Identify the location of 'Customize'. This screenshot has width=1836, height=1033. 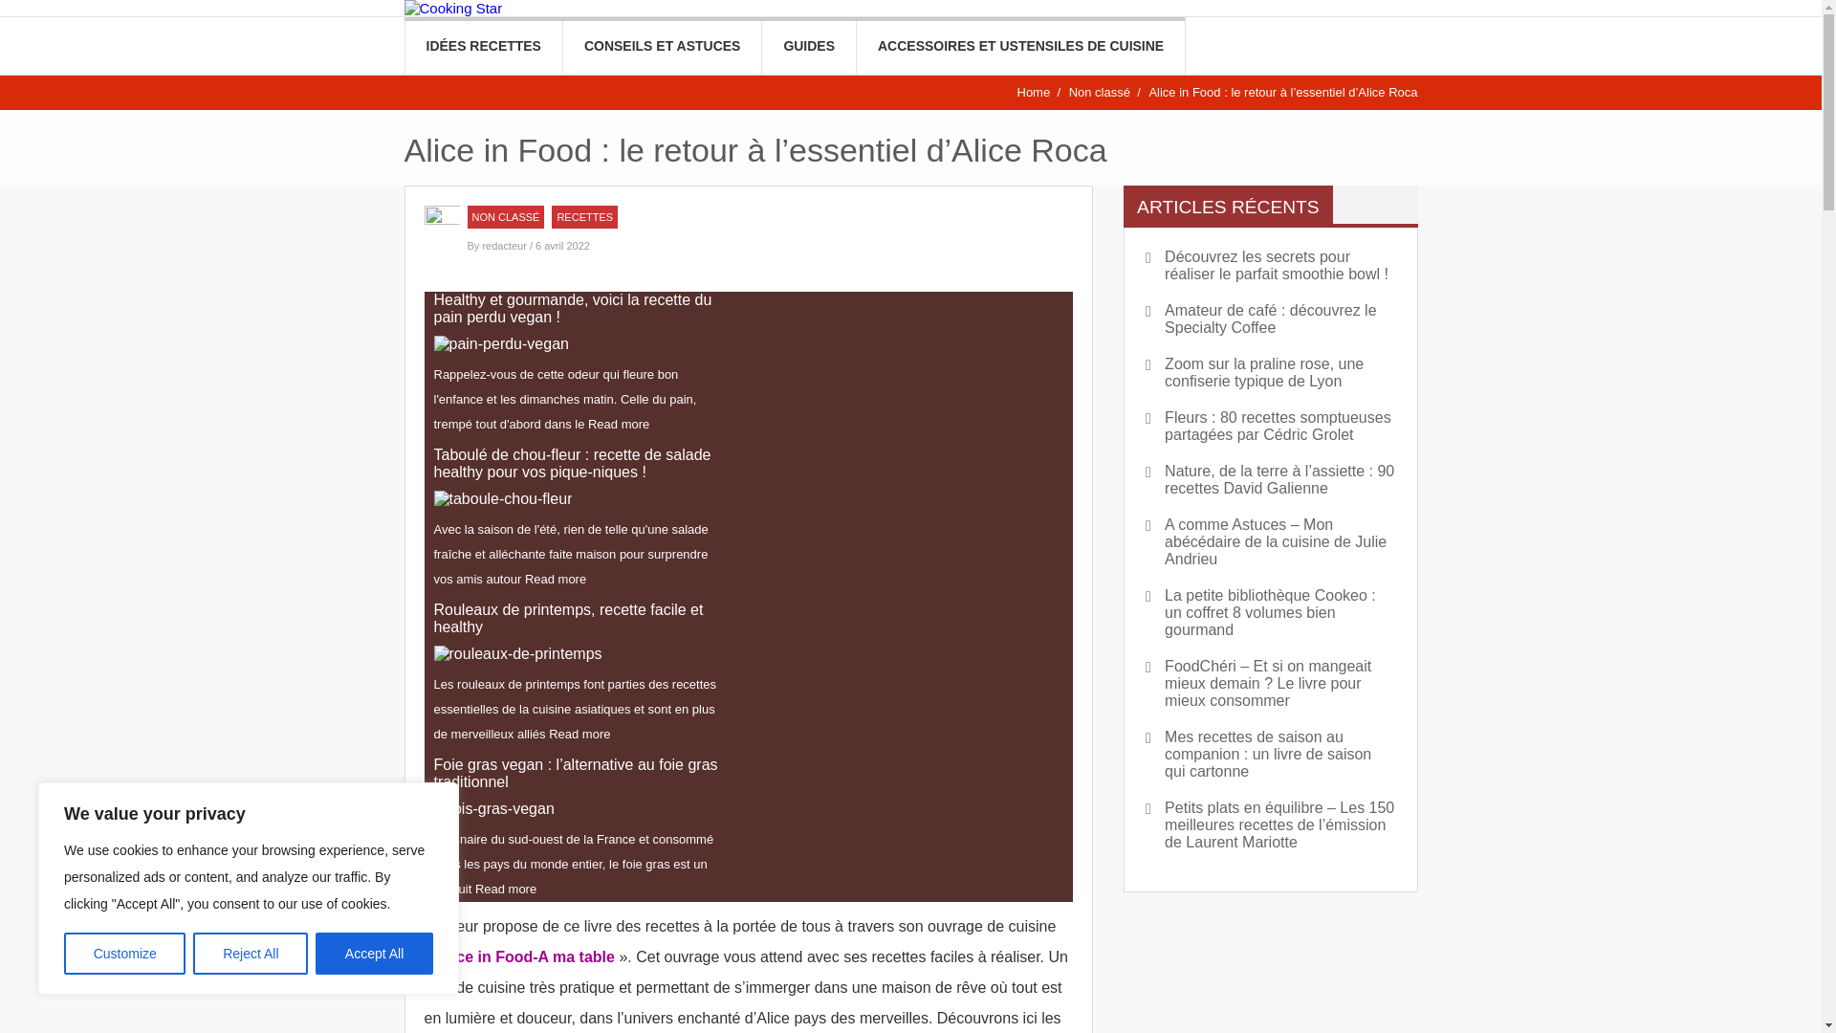
(123, 953).